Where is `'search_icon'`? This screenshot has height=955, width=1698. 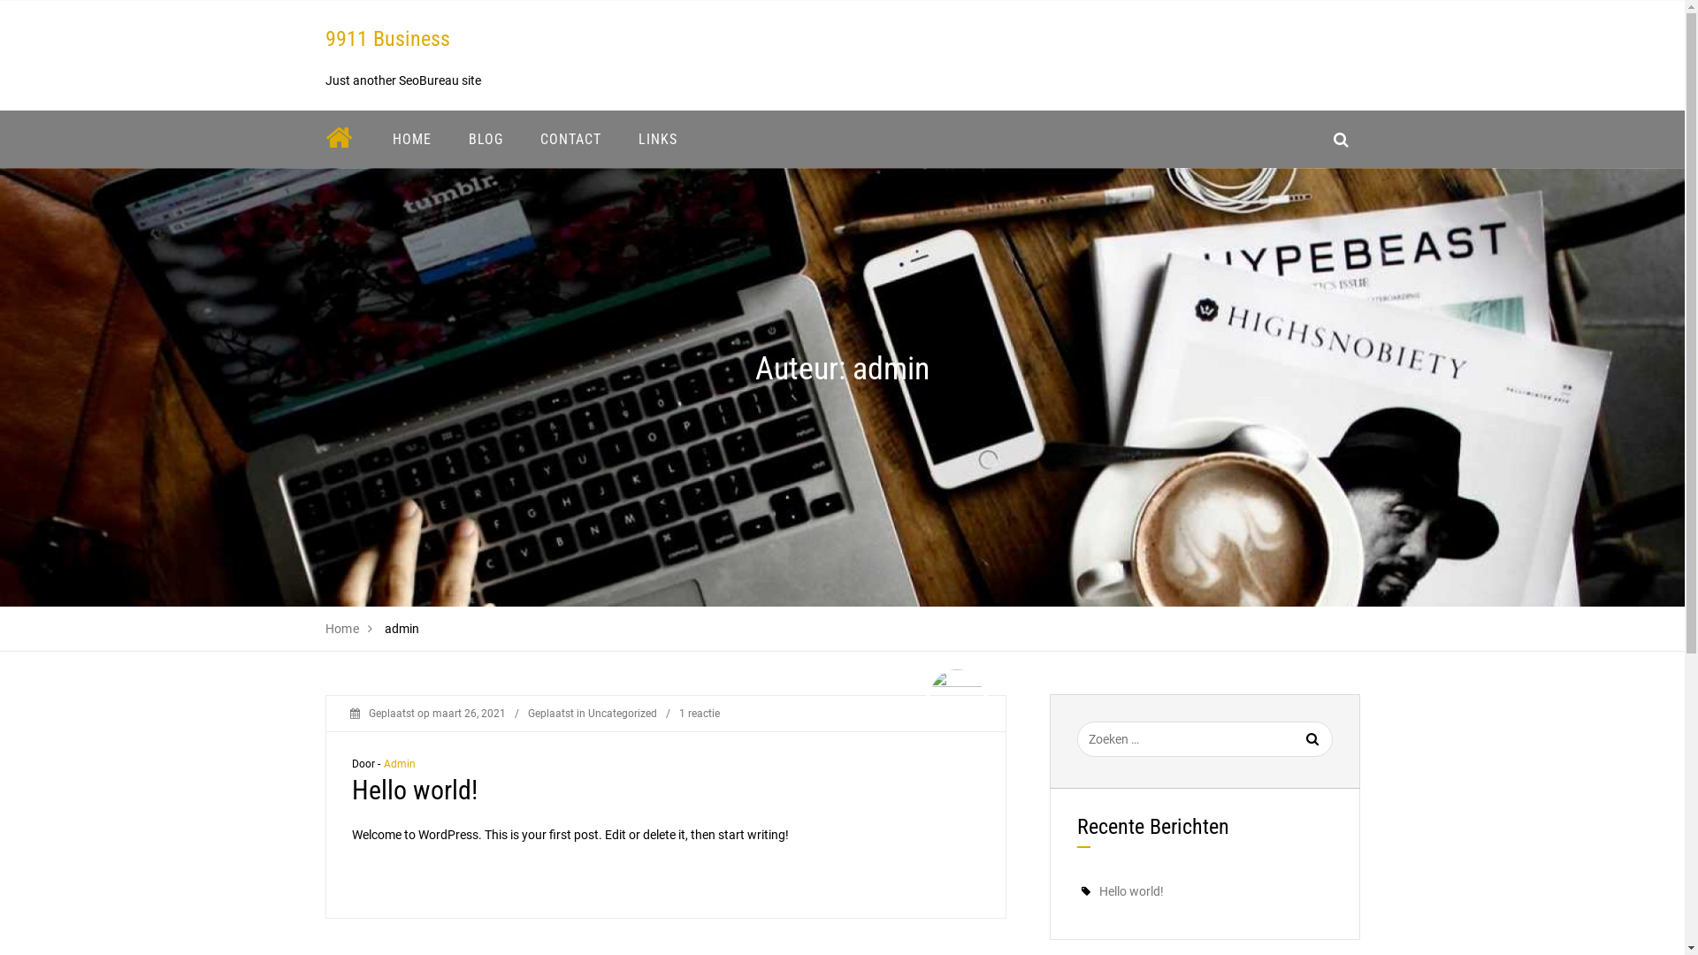 'search_icon' is located at coordinates (1340, 138).